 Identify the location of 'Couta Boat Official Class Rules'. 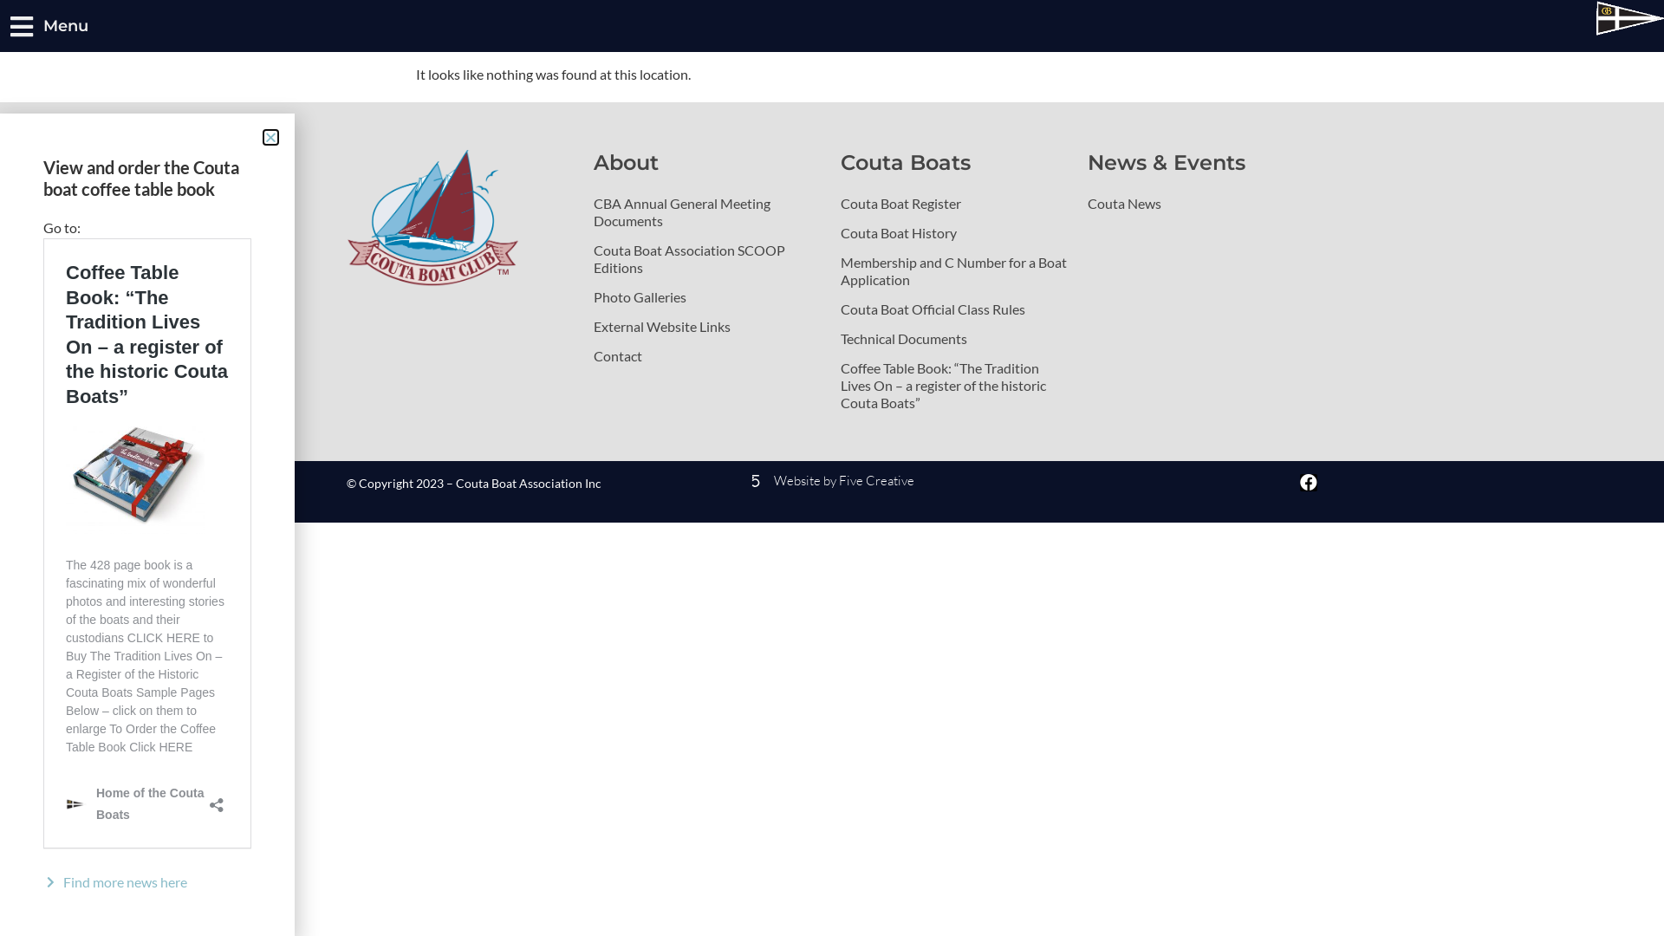
(954, 309).